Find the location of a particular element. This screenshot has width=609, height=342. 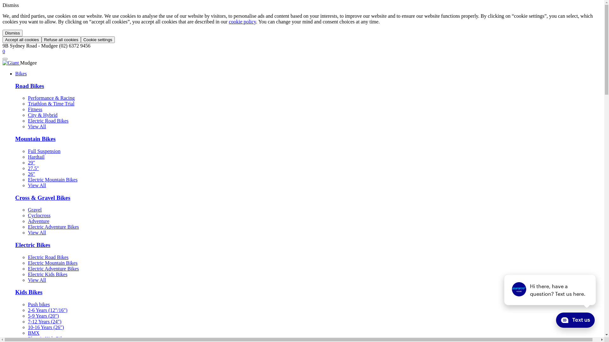

'26"' is located at coordinates (27, 174).